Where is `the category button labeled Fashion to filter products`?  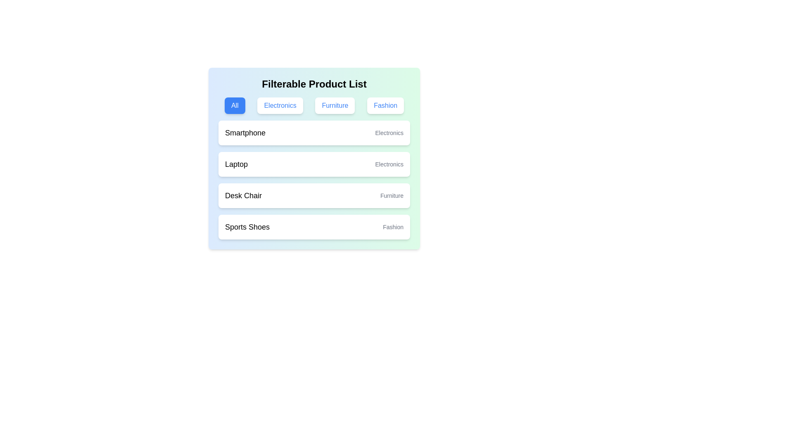 the category button labeled Fashion to filter products is located at coordinates (385, 105).